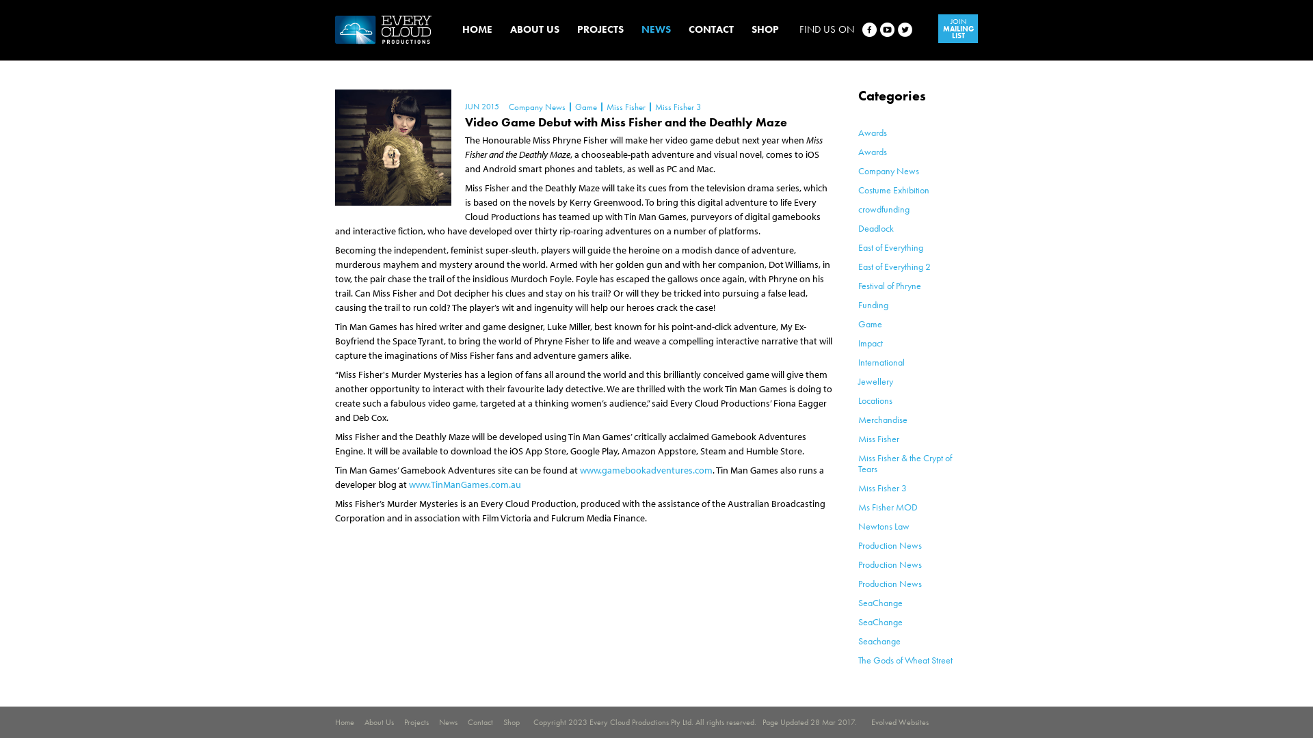 The image size is (1313, 738). What do you see at coordinates (511, 721) in the screenshot?
I see `'Shop'` at bounding box center [511, 721].